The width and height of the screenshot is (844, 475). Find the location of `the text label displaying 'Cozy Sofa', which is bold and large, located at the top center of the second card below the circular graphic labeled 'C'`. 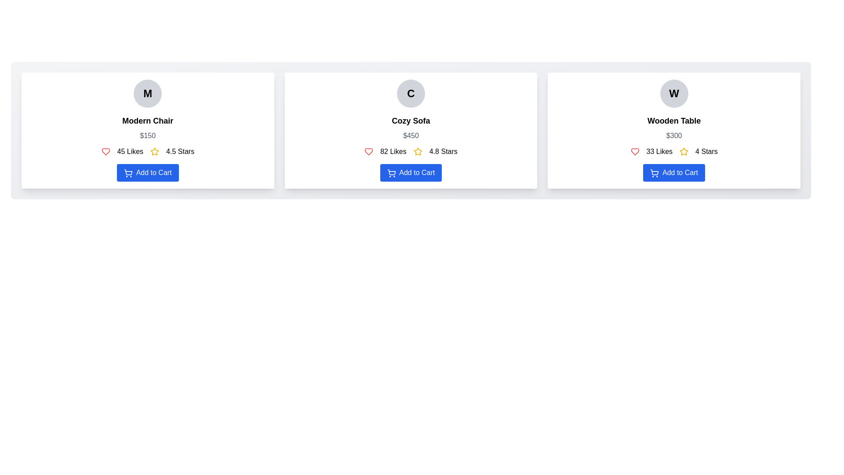

the text label displaying 'Cozy Sofa', which is bold and large, located at the top center of the second card below the circular graphic labeled 'C' is located at coordinates (411, 121).